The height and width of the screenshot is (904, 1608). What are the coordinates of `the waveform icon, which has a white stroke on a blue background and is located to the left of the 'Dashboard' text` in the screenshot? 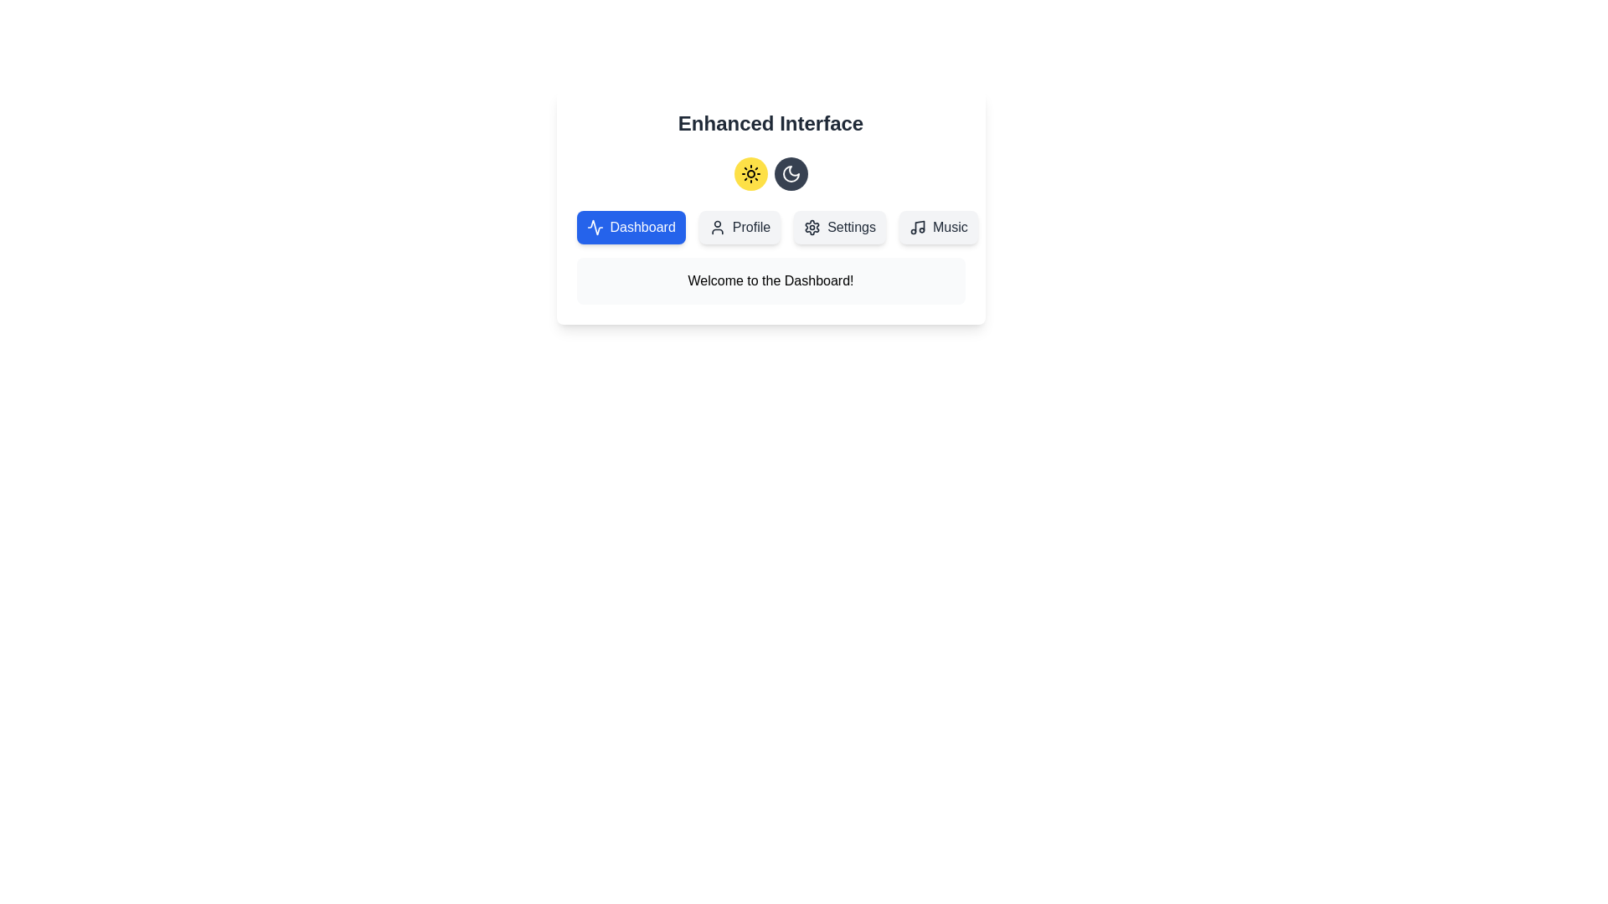 It's located at (595, 228).